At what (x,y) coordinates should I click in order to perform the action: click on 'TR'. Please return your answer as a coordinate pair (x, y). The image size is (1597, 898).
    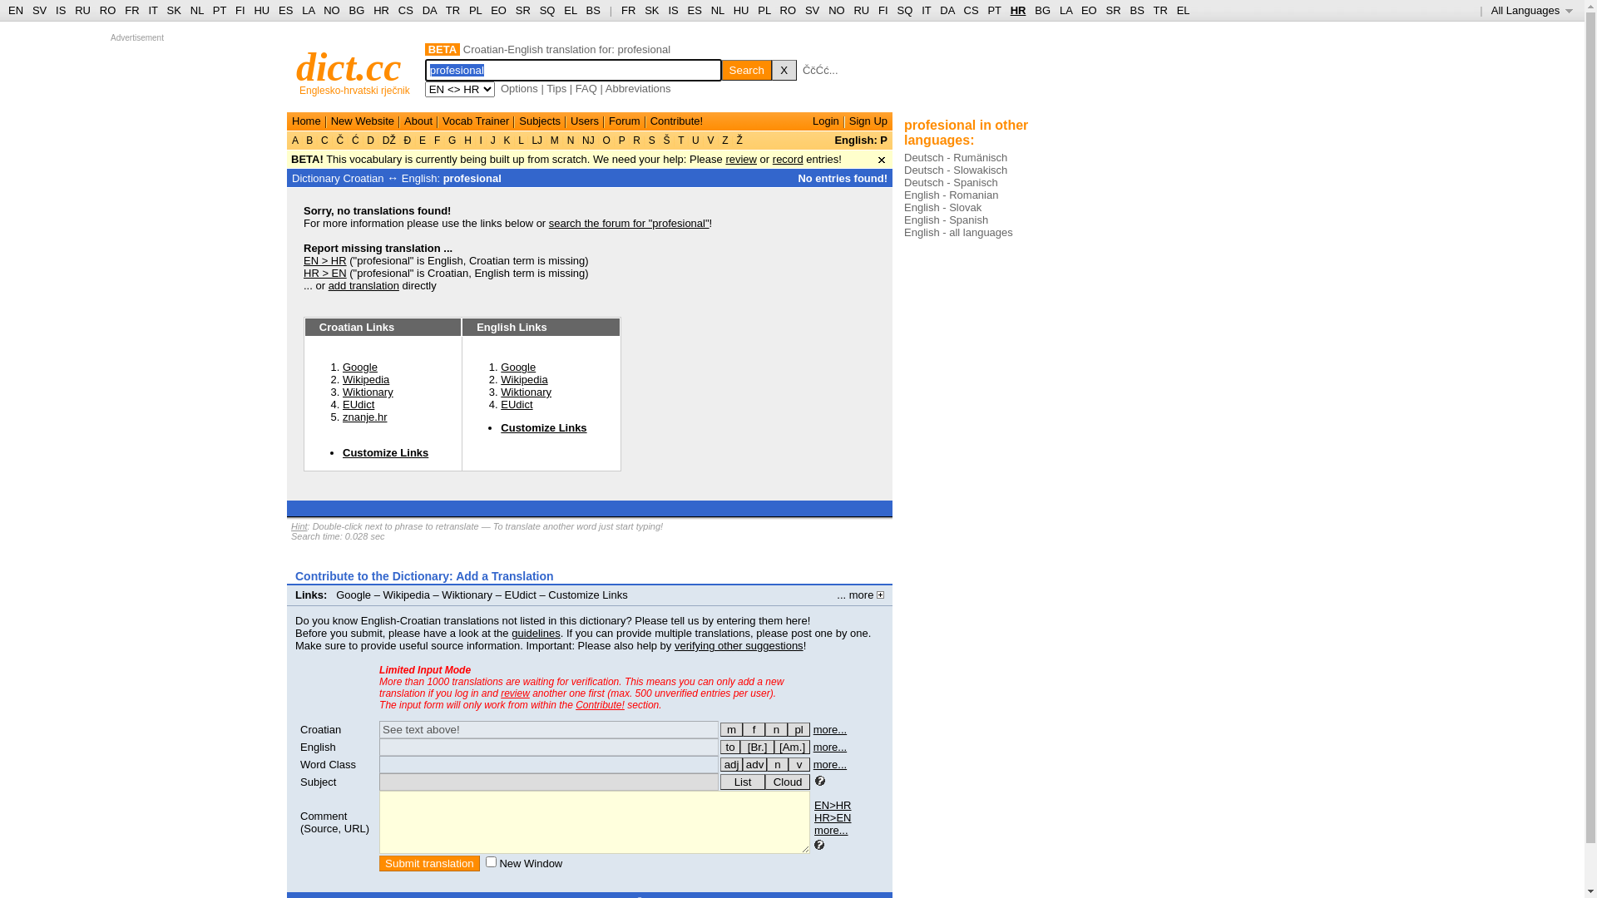
    Looking at the image, I should click on (452, 10).